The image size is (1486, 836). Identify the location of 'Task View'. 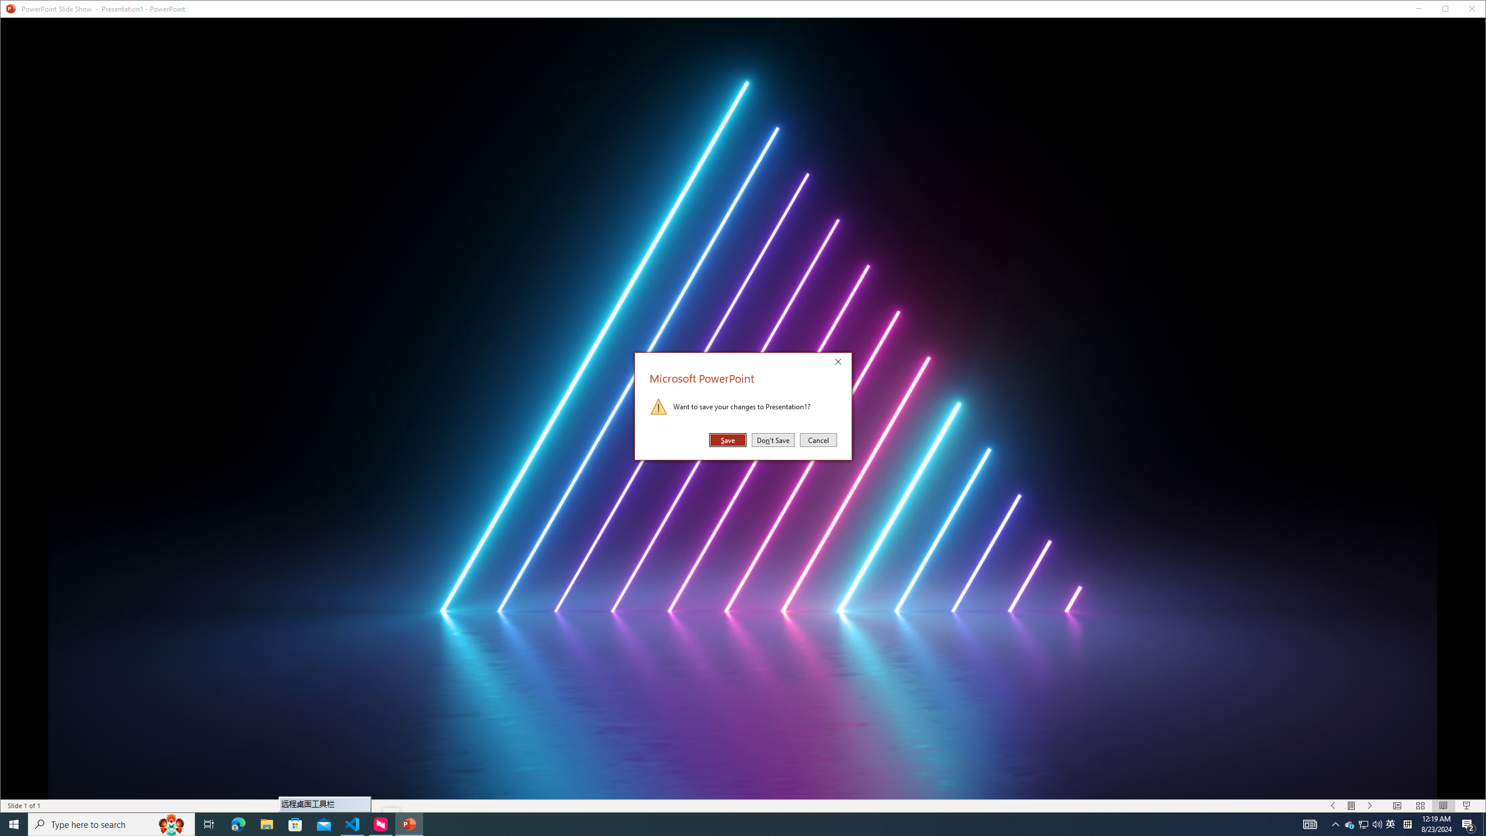
(208, 823).